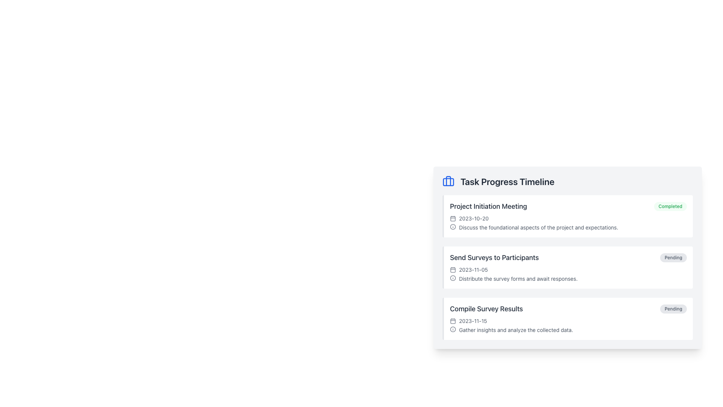 This screenshot has width=723, height=407. Describe the element at coordinates (453, 269) in the screenshot. I see `the calendar icon located to the immediate left of the date text '2023-11-05' in the second entry of the Task Progress Timeline` at that location.